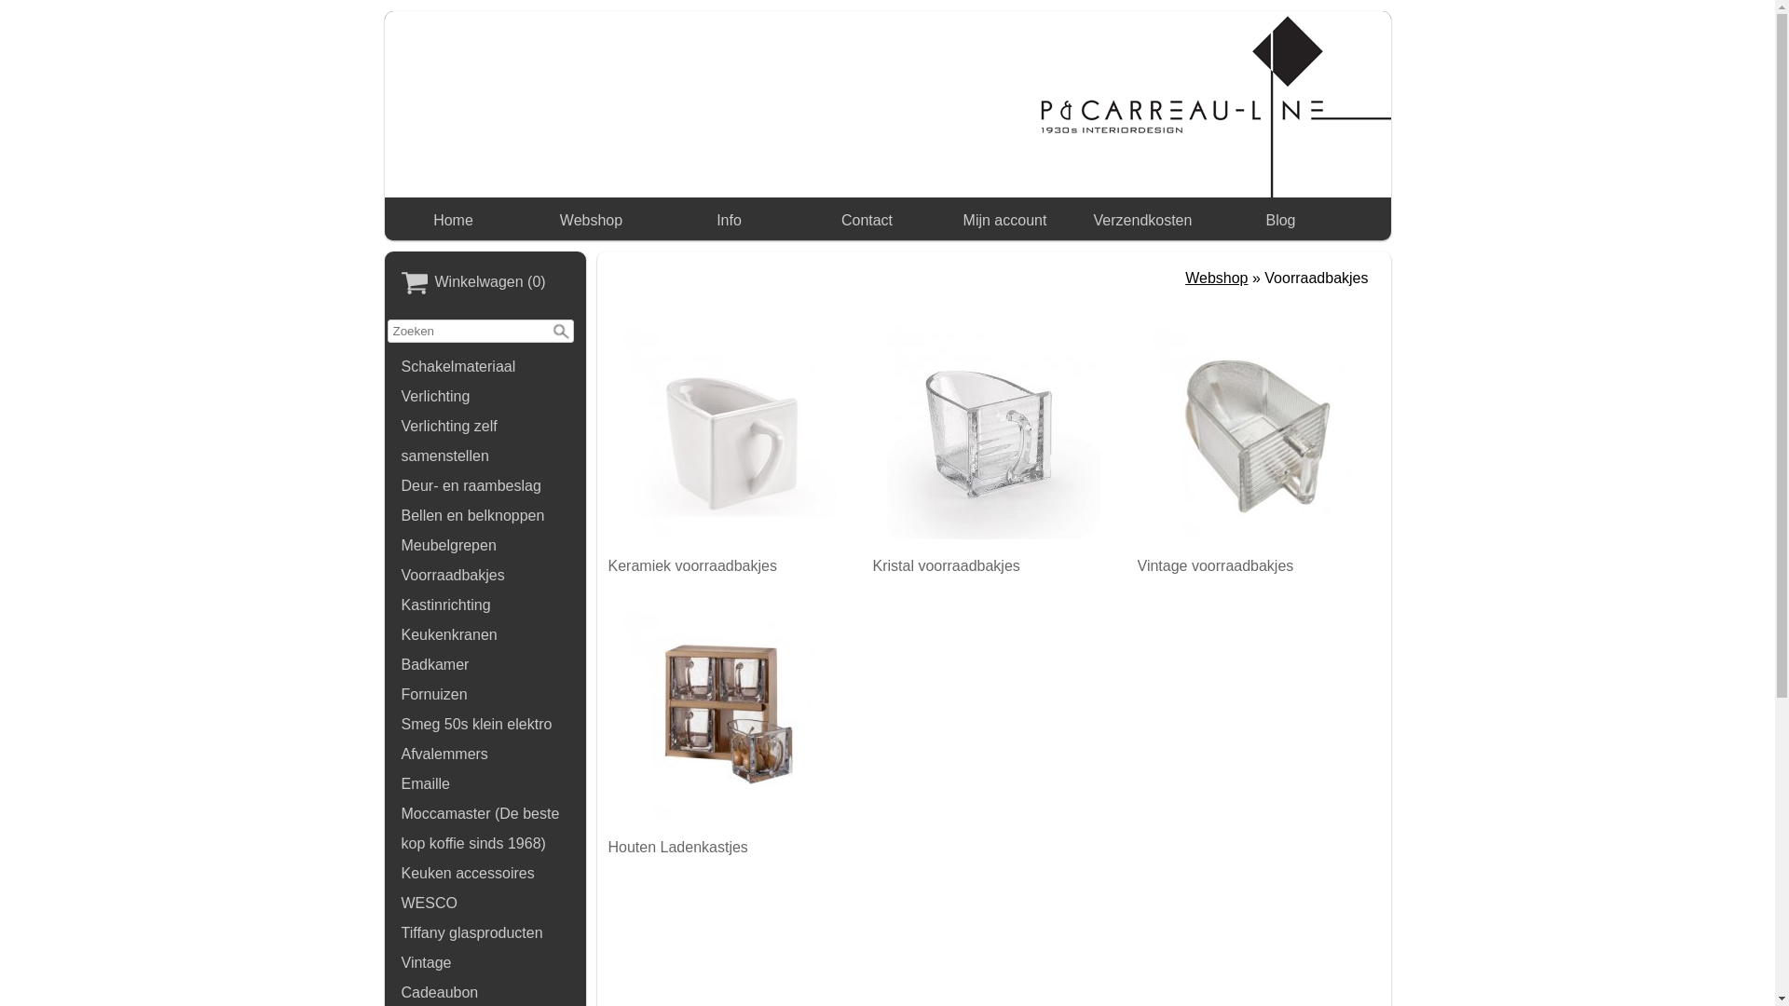 The width and height of the screenshot is (1789, 1006). What do you see at coordinates (387, 395) in the screenshot?
I see `'Verlichting'` at bounding box center [387, 395].